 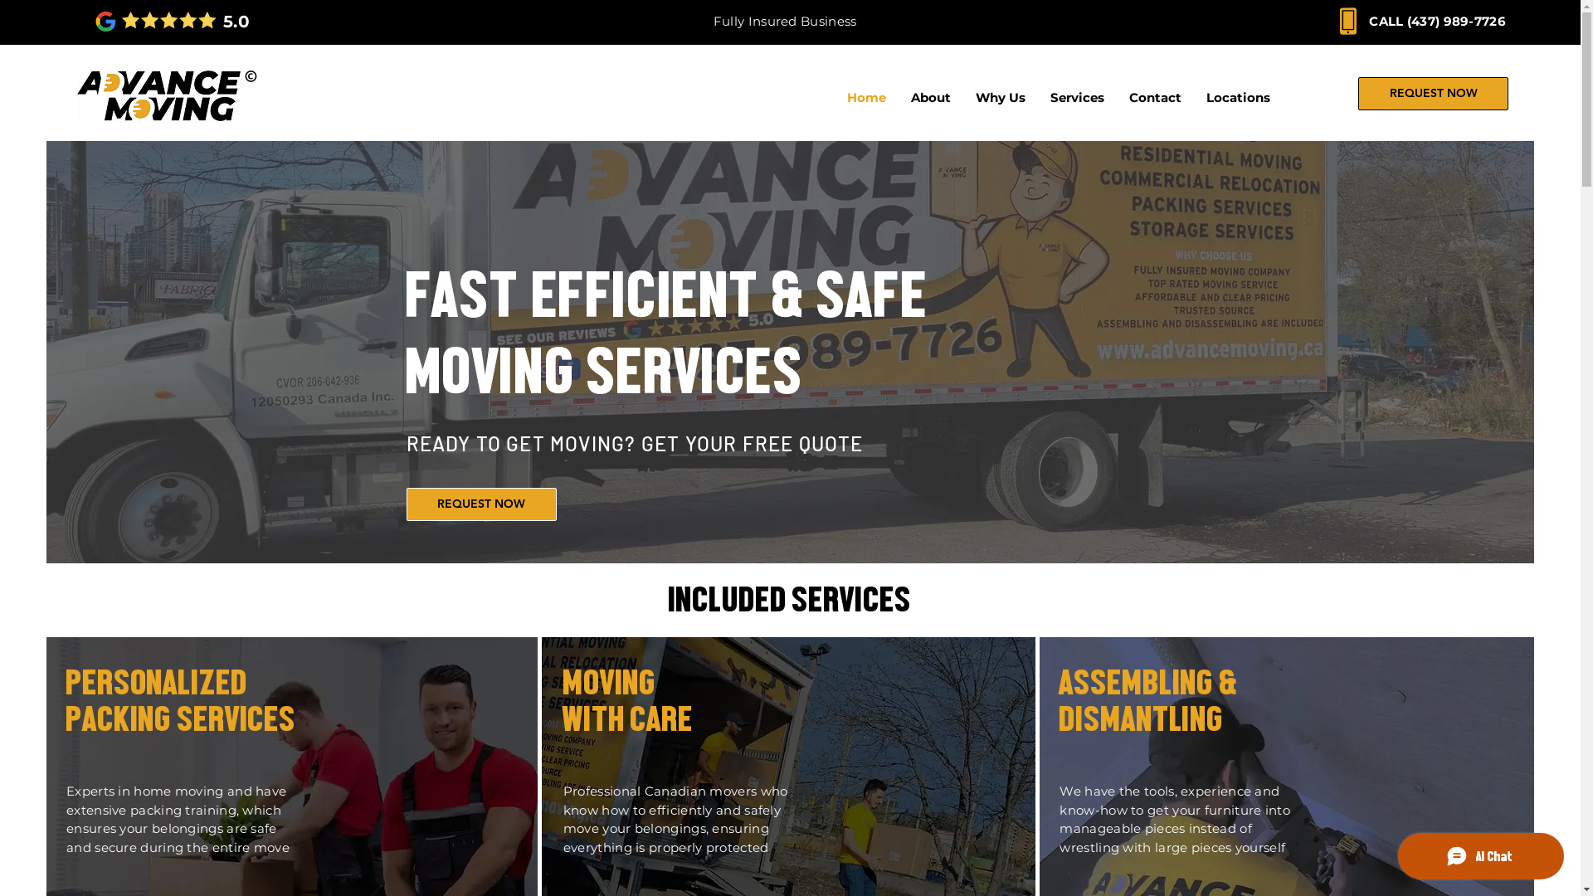 What do you see at coordinates (999, 98) in the screenshot?
I see `'Why Us'` at bounding box center [999, 98].